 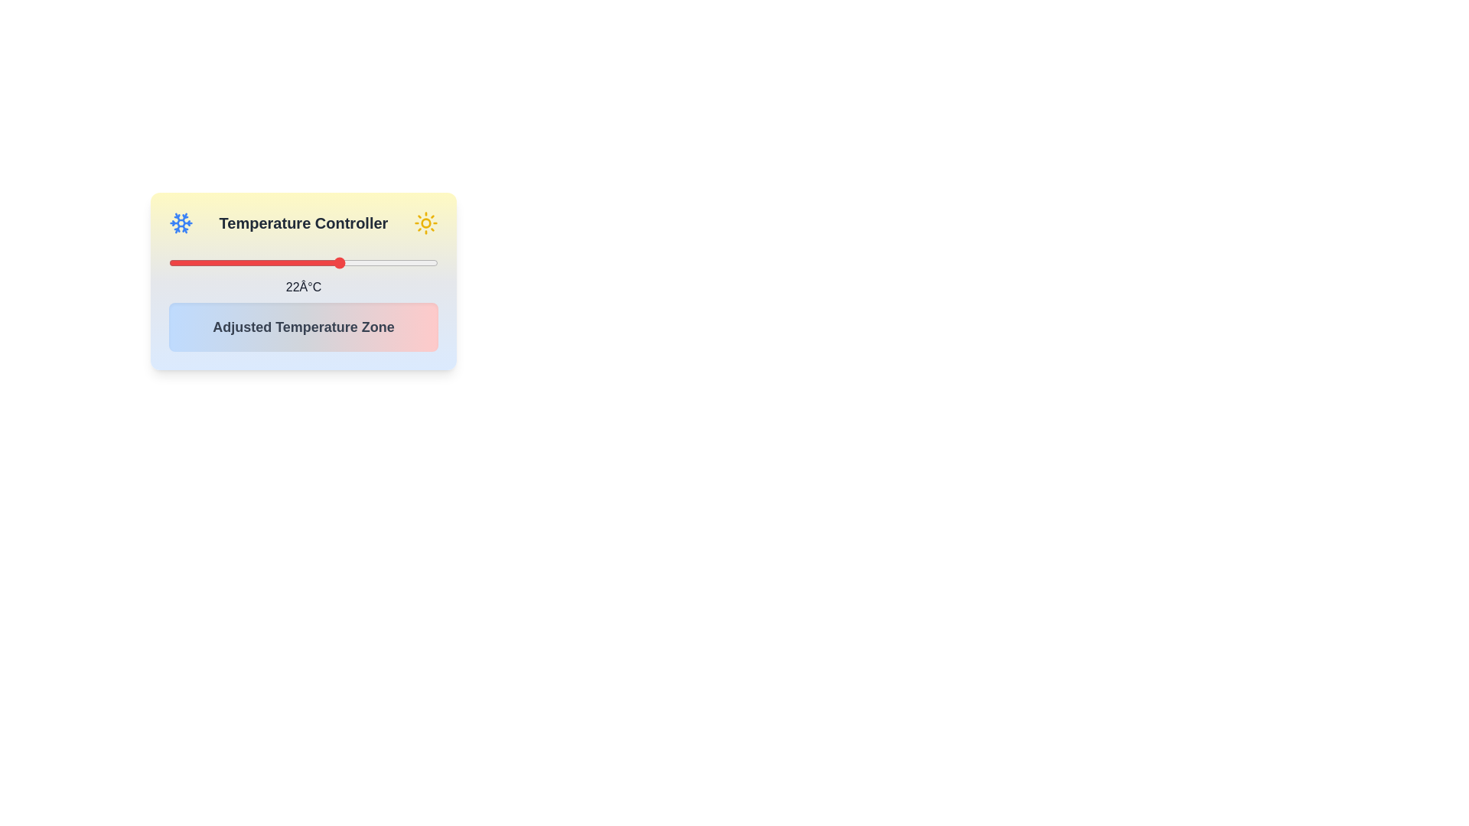 I want to click on the text label with the bold 'Adjusted Temperature Zone' centered within a gradient background transitioning from blue to gray to red, located beneath the numerical temperature display and slider bar in the temperature control section, so click(x=304, y=327).